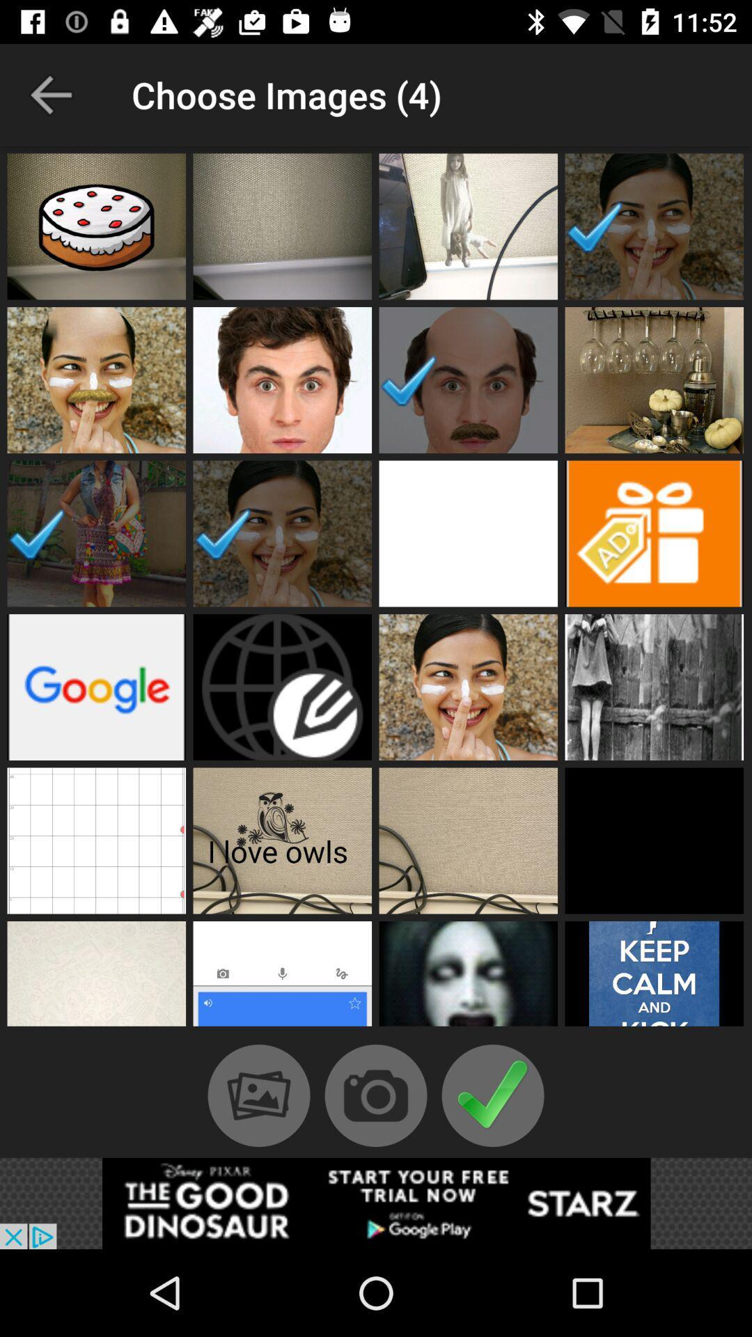  What do you see at coordinates (258, 1095) in the screenshot?
I see `the wallpaper icon` at bounding box center [258, 1095].